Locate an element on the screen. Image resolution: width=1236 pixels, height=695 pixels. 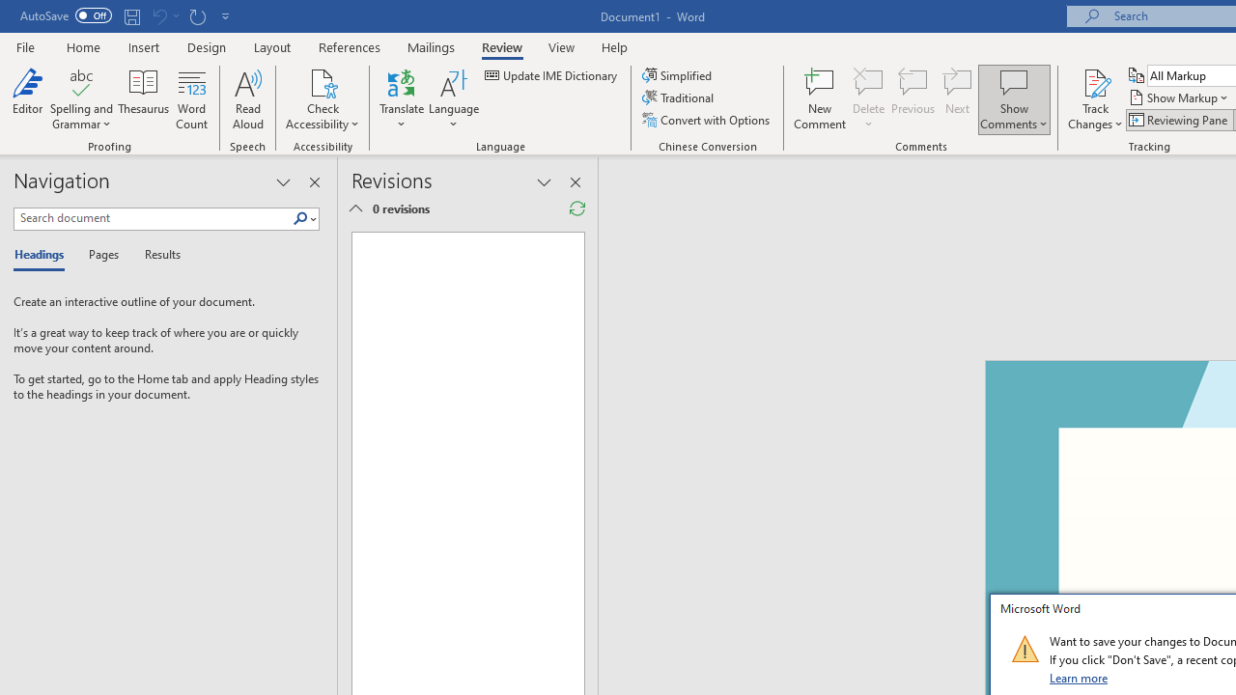
'Spelling and Grammar' is located at coordinates (81, 81).